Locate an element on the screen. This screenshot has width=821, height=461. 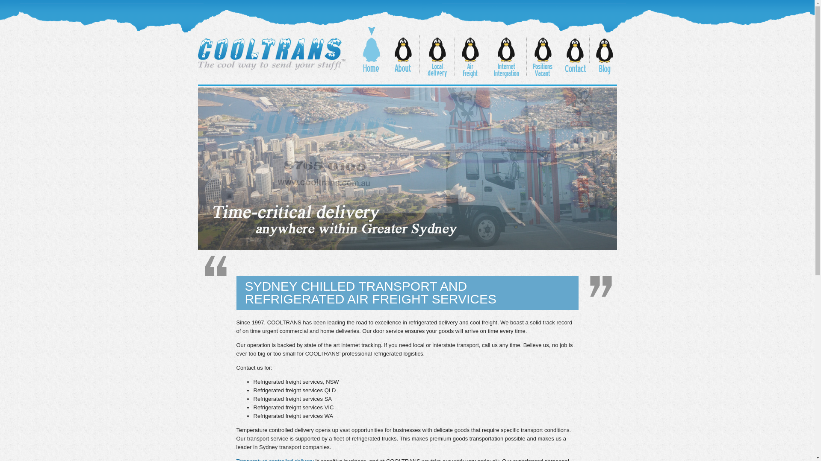
'About' is located at coordinates (403, 53).